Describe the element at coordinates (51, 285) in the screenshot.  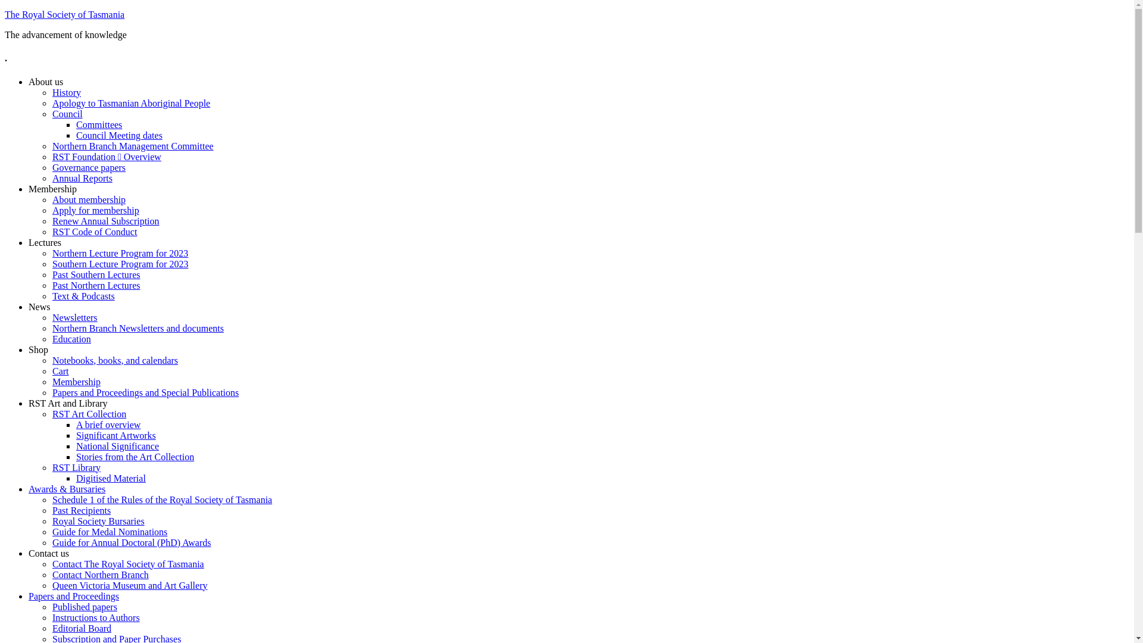
I see `'Past Northern Lectures'` at that location.